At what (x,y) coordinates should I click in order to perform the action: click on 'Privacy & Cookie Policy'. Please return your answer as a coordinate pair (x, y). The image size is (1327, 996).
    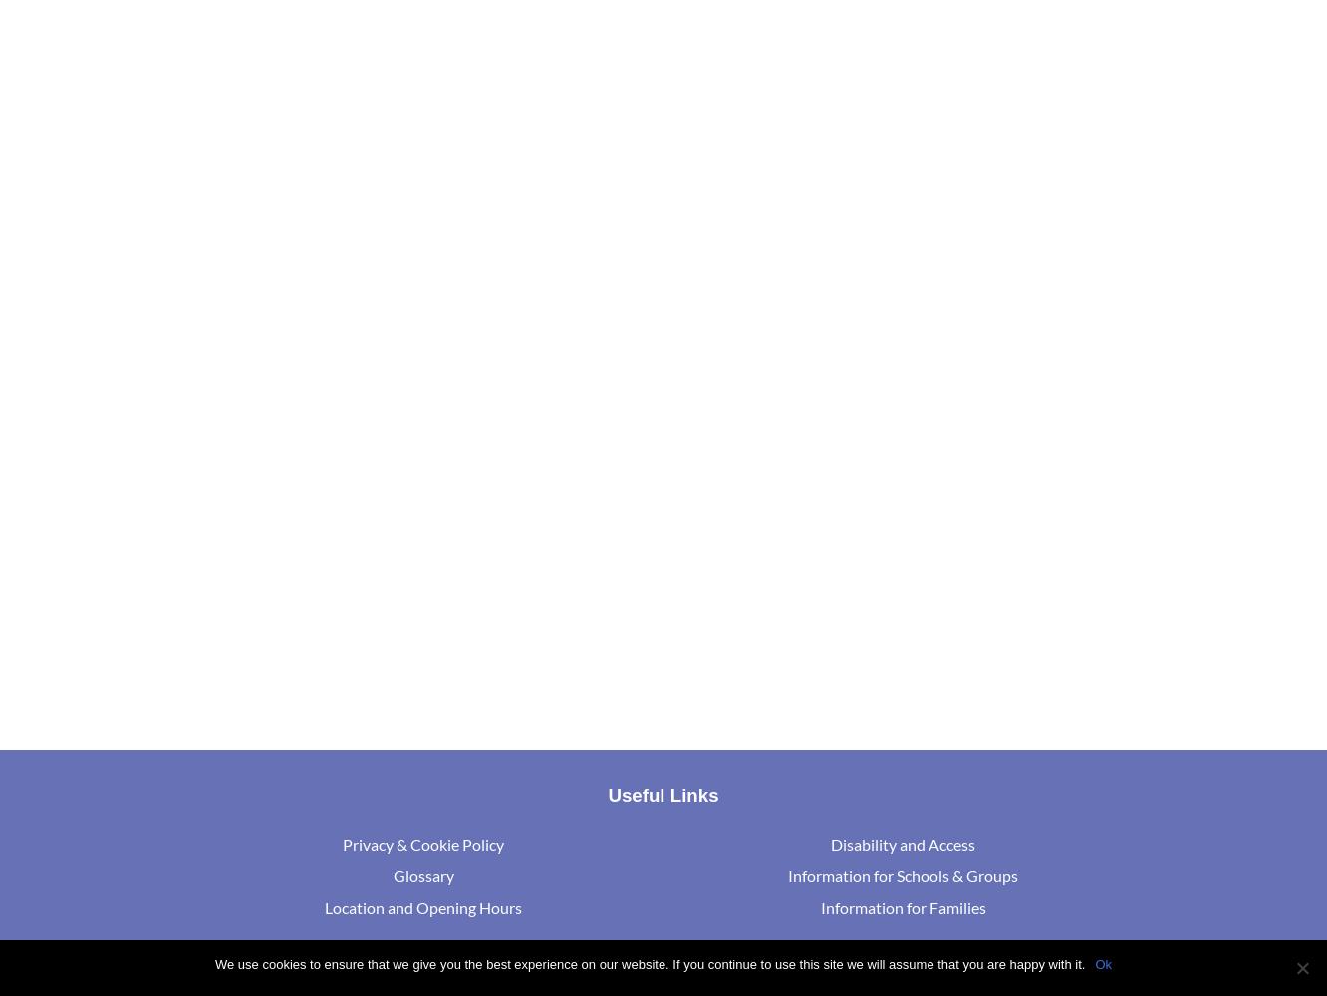
    Looking at the image, I should click on (422, 843).